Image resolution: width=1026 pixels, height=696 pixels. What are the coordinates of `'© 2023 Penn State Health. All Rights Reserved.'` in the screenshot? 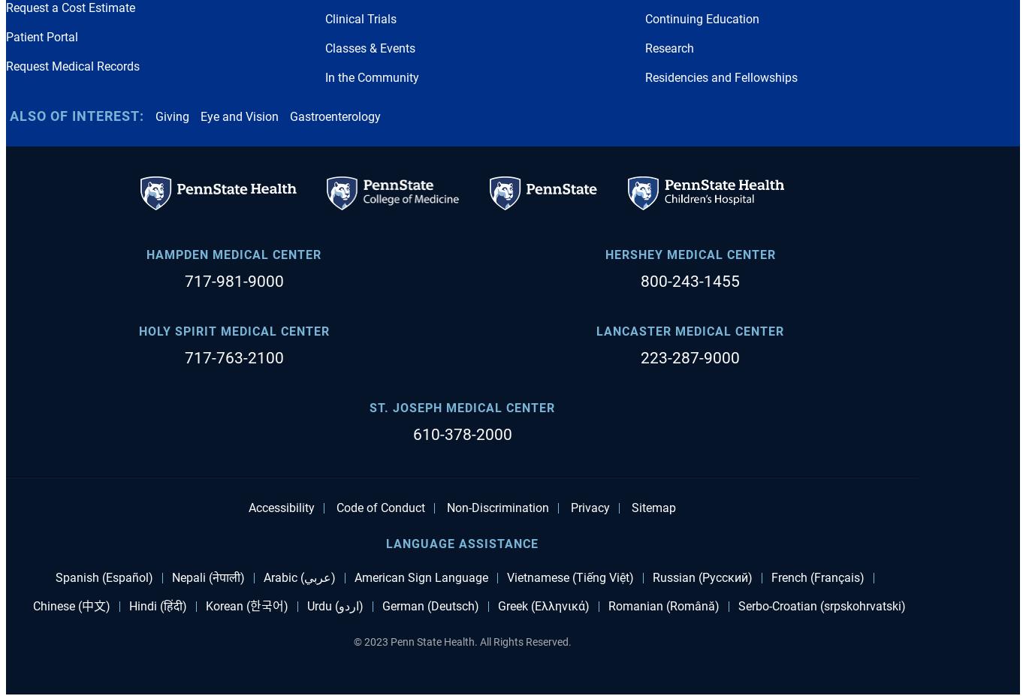 It's located at (460, 641).